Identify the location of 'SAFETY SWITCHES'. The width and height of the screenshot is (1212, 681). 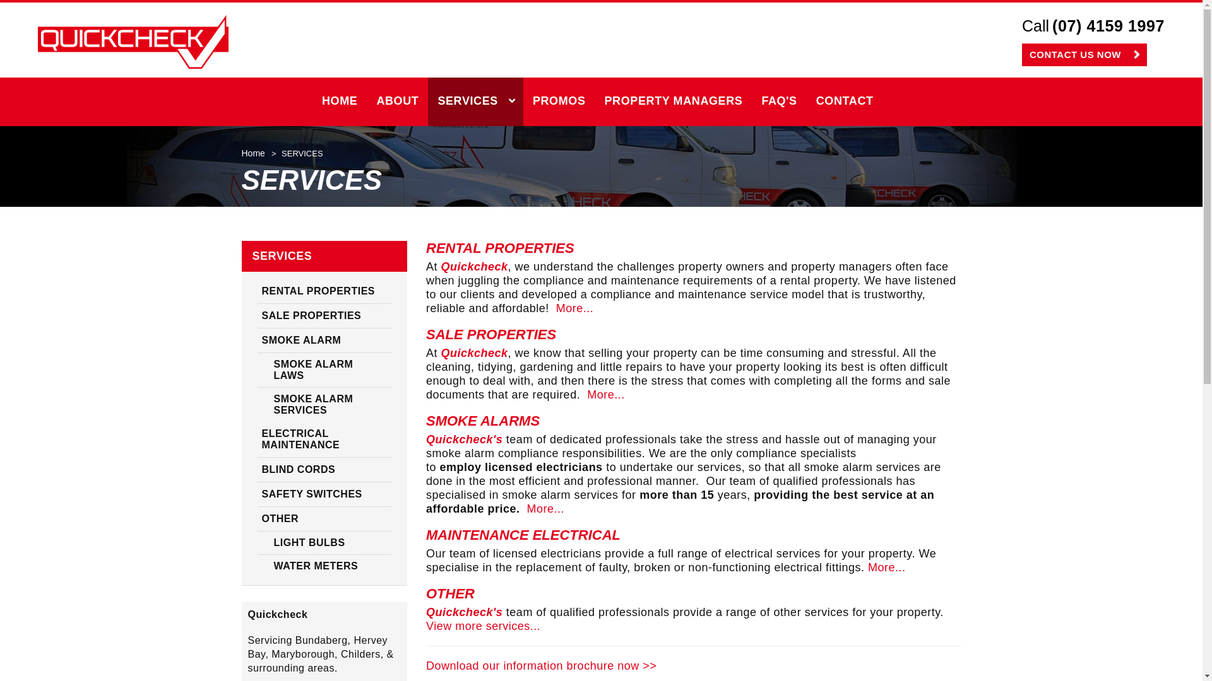
(324, 494).